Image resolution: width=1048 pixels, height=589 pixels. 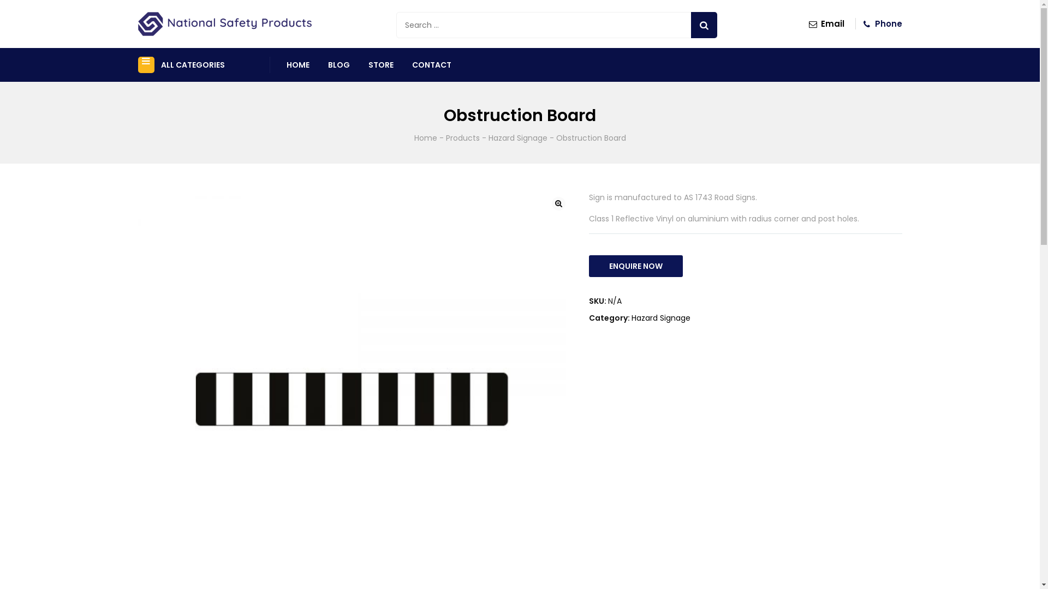 I want to click on 'ENQUIRE NOW', so click(x=635, y=266).